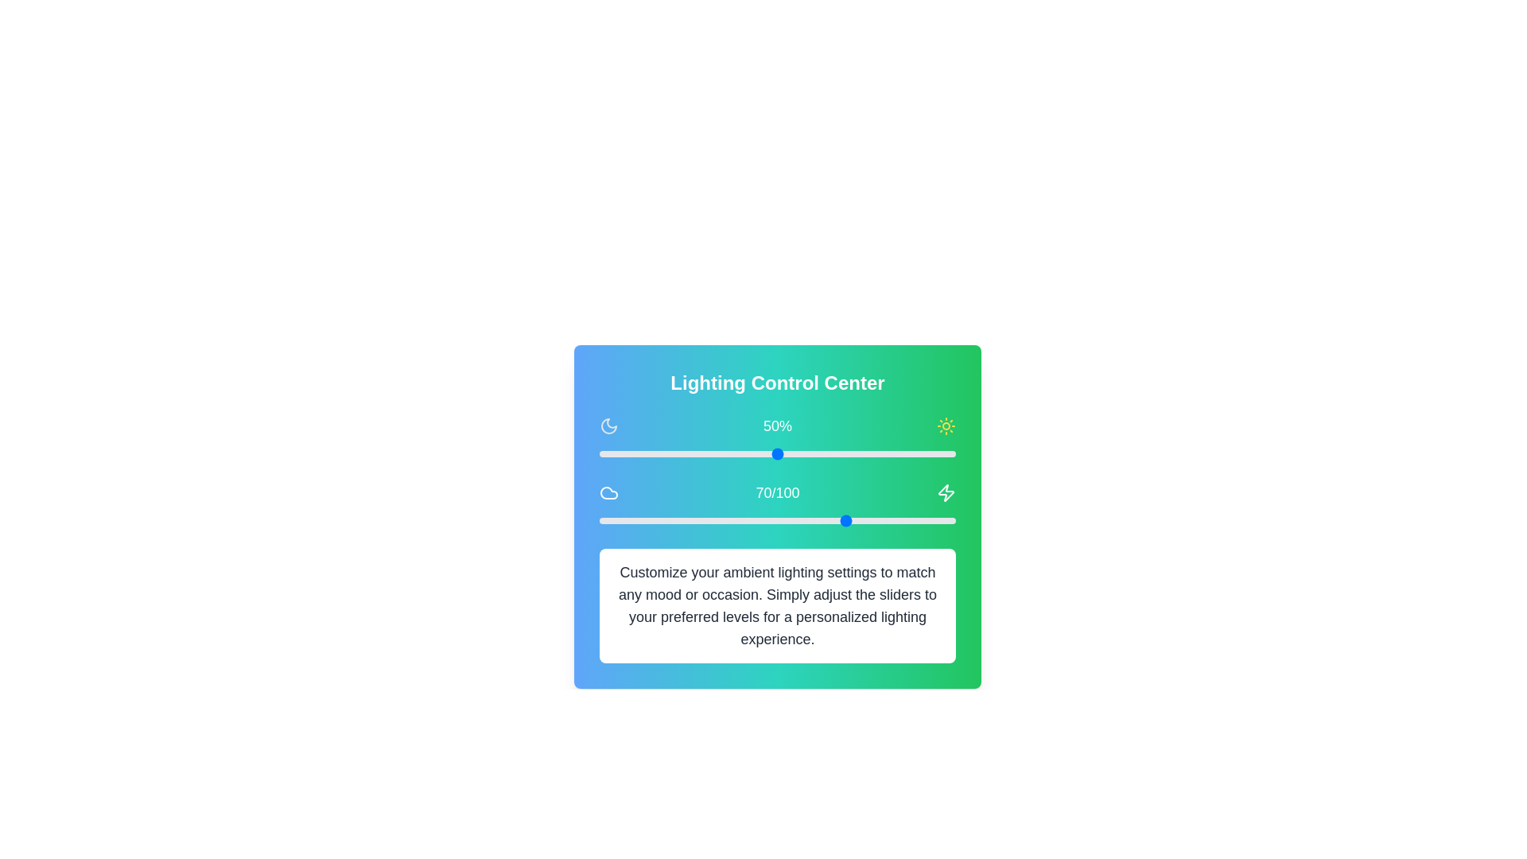 The height and width of the screenshot is (859, 1527). I want to click on the slider to set the value to 93, so click(931, 453).